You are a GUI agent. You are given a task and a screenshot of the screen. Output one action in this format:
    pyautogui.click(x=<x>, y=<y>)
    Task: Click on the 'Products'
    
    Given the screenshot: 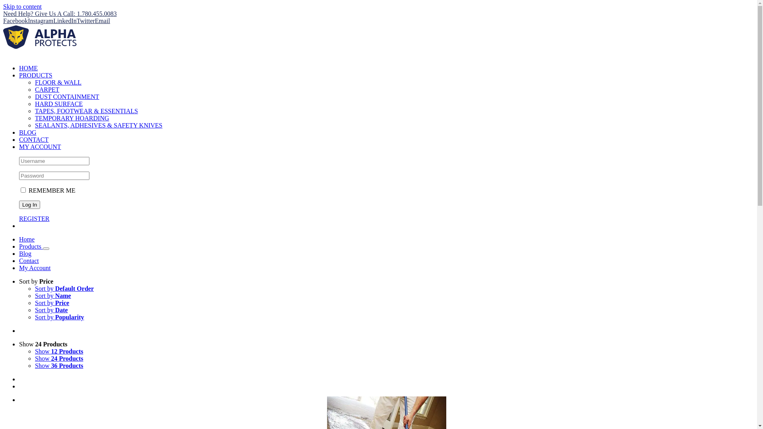 What is the action you would take?
    pyautogui.click(x=31, y=246)
    